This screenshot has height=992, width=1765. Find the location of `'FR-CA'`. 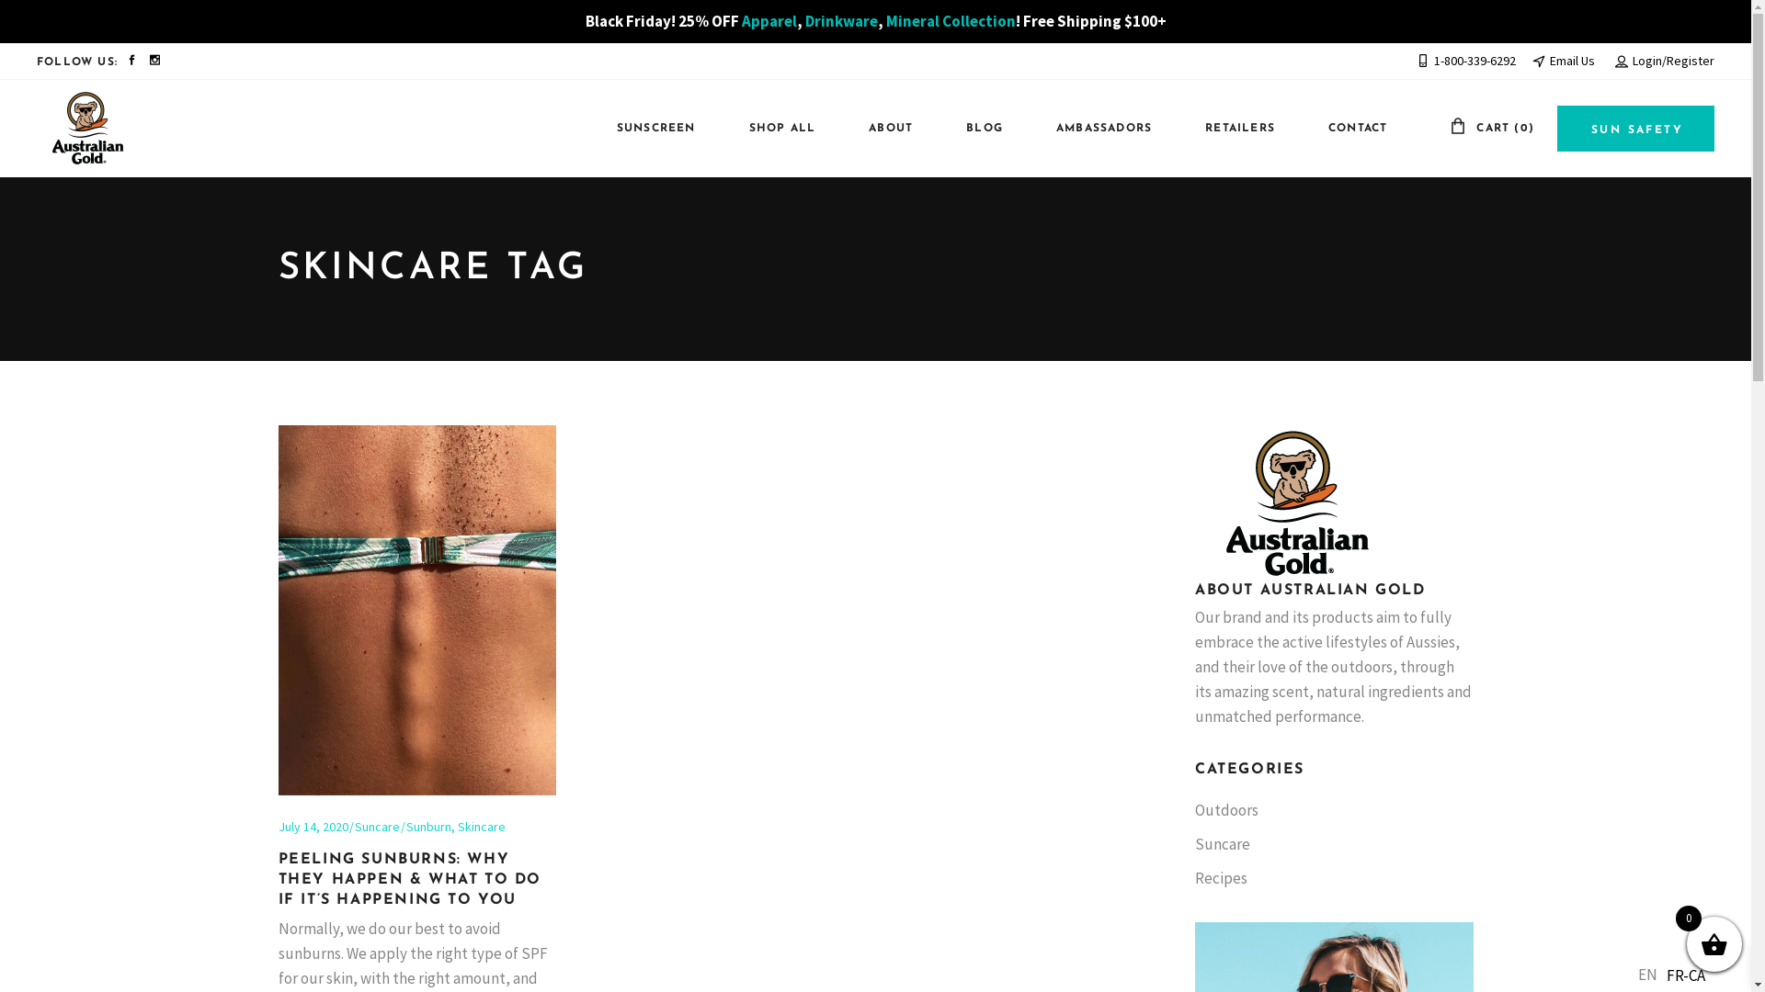

'FR-CA' is located at coordinates (1657, 974).